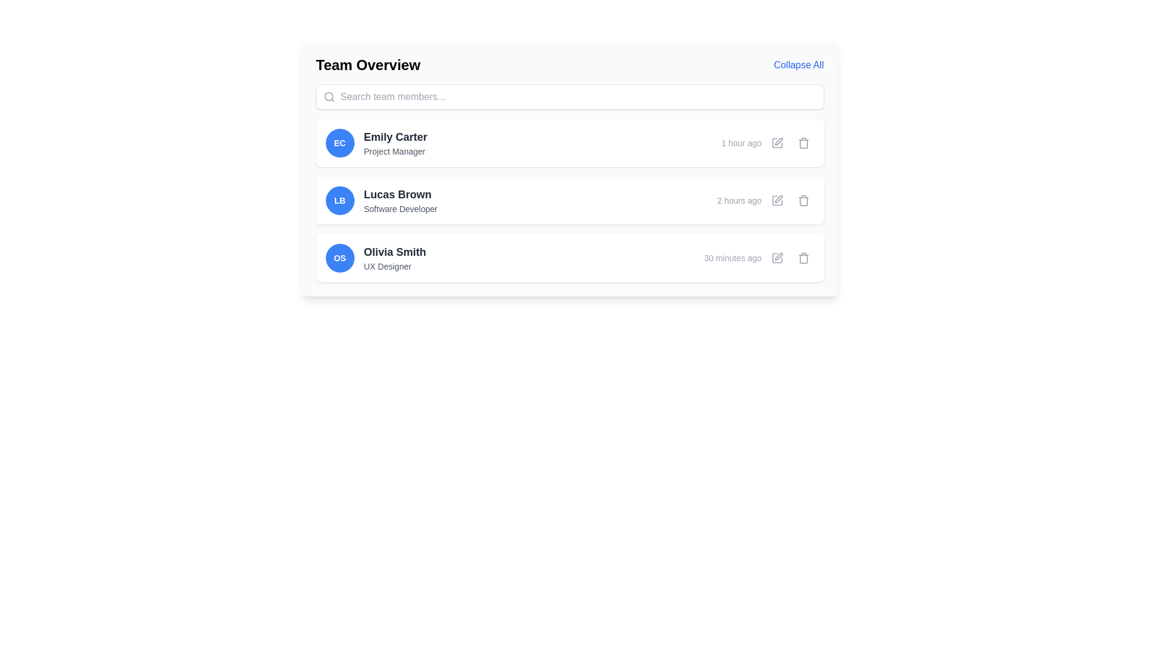 The width and height of the screenshot is (1150, 647). Describe the element at coordinates (765, 200) in the screenshot. I see `the Text label that displays the relative time of the event, located within the second card under 'Lucas Brown', to the right of the name and role, before two smaller icons` at that location.